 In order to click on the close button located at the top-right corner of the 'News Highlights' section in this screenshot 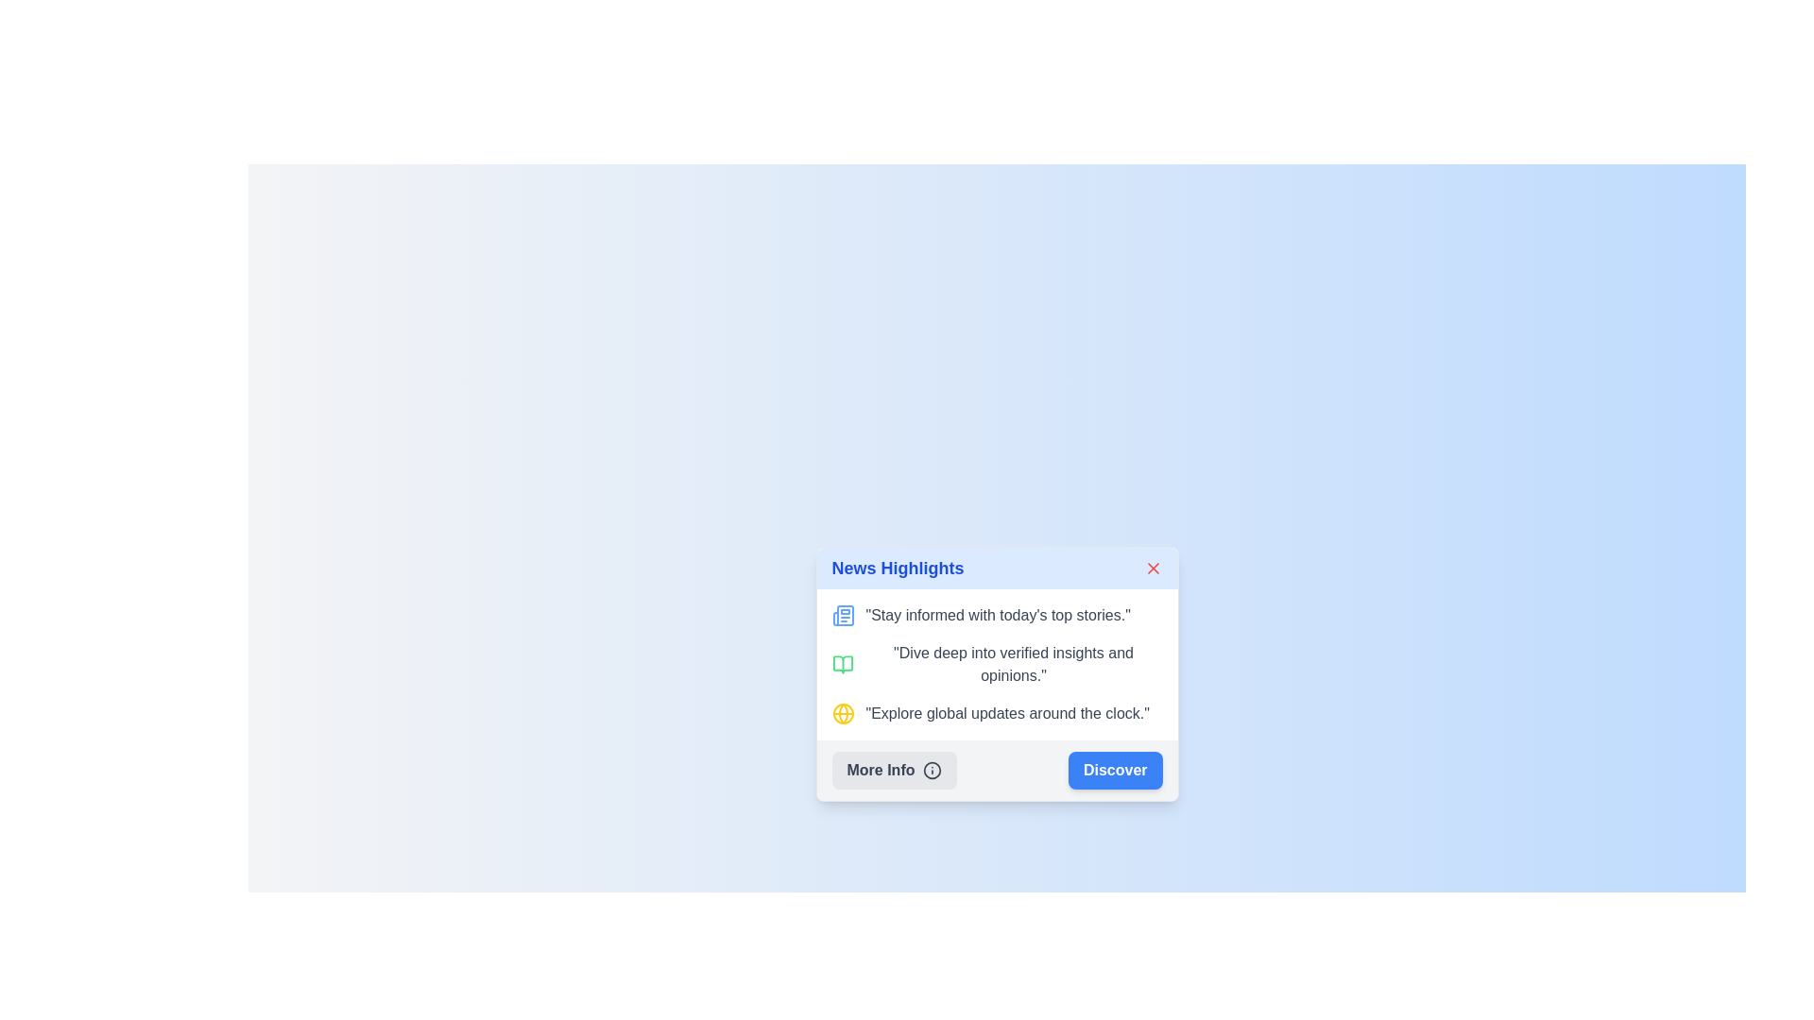, I will do `click(1152, 567)`.